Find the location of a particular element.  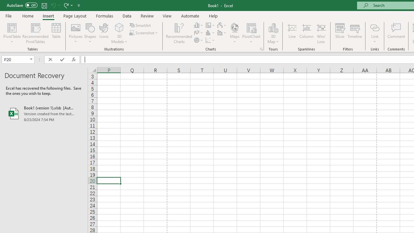

'Slicer...' is located at coordinates (340, 33).